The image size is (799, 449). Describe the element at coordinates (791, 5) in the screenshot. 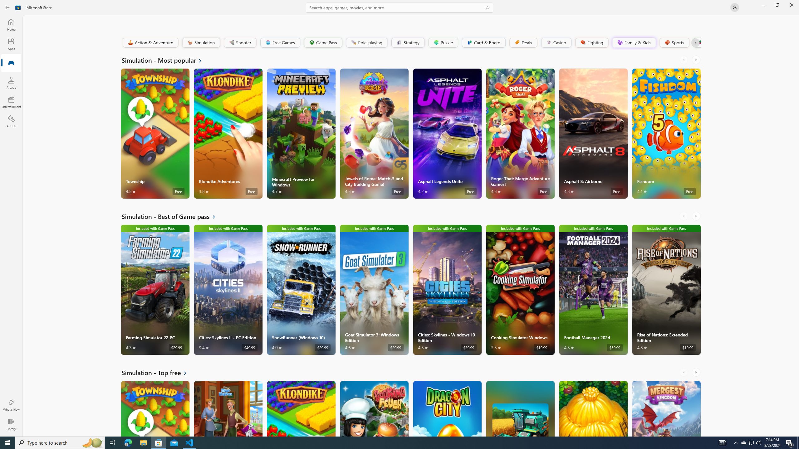

I see `'Close Microsoft Store'` at that location.